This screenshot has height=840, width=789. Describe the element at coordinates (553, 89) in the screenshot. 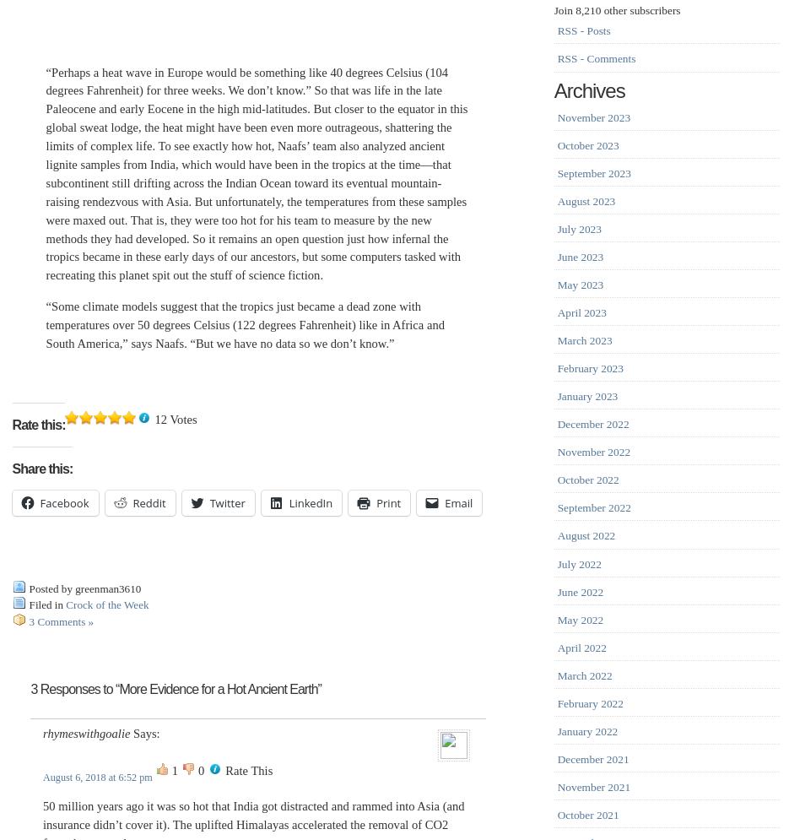

I see `'Archives'` at that location.